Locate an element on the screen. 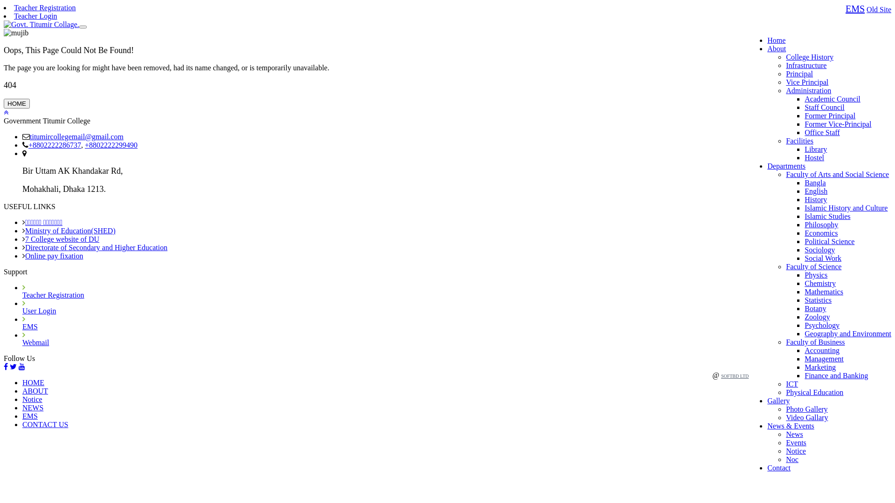  'User Login' is located at coordinates (22, 311).